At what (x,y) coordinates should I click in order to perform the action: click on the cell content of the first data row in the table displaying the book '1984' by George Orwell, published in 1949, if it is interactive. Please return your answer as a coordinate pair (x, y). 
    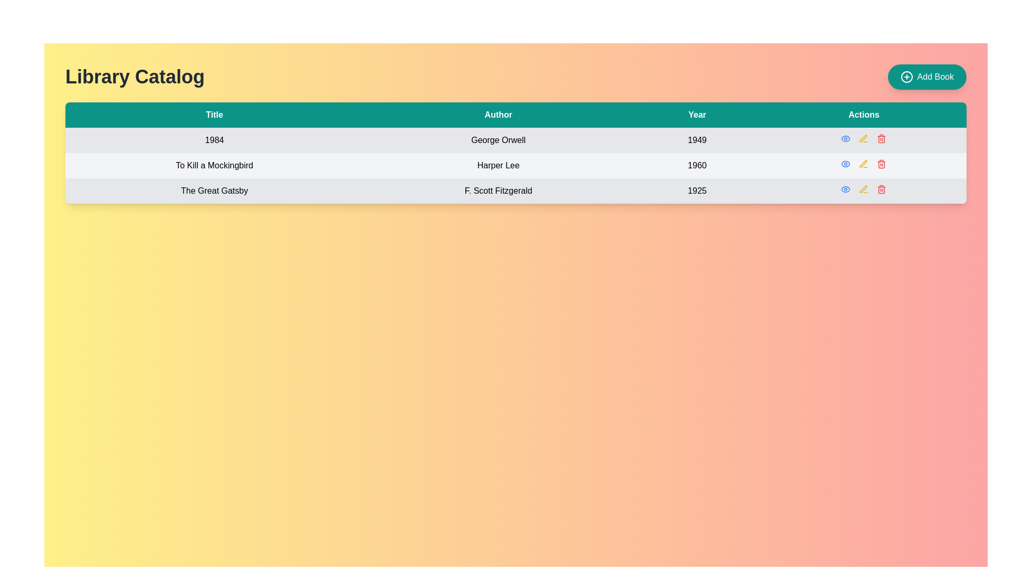
    Looking at the image, I should click on (516, 140).